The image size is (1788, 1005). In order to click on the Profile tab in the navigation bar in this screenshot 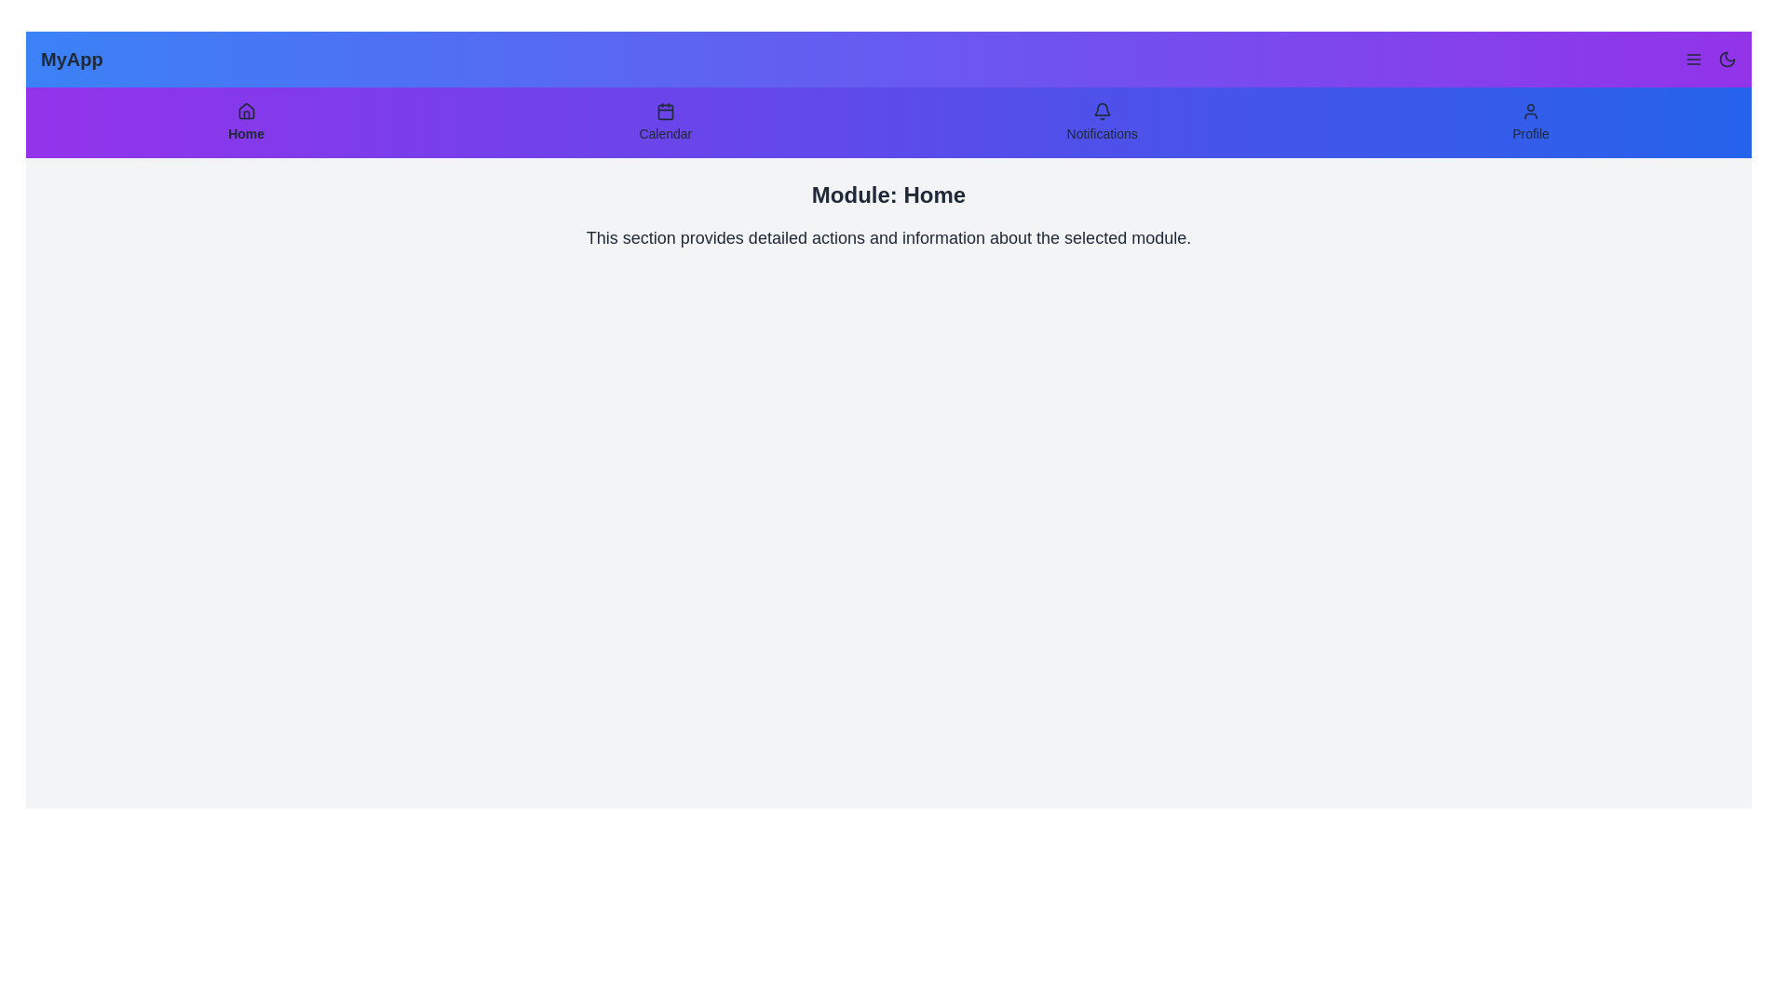, I will do `click(1530, 122)`.